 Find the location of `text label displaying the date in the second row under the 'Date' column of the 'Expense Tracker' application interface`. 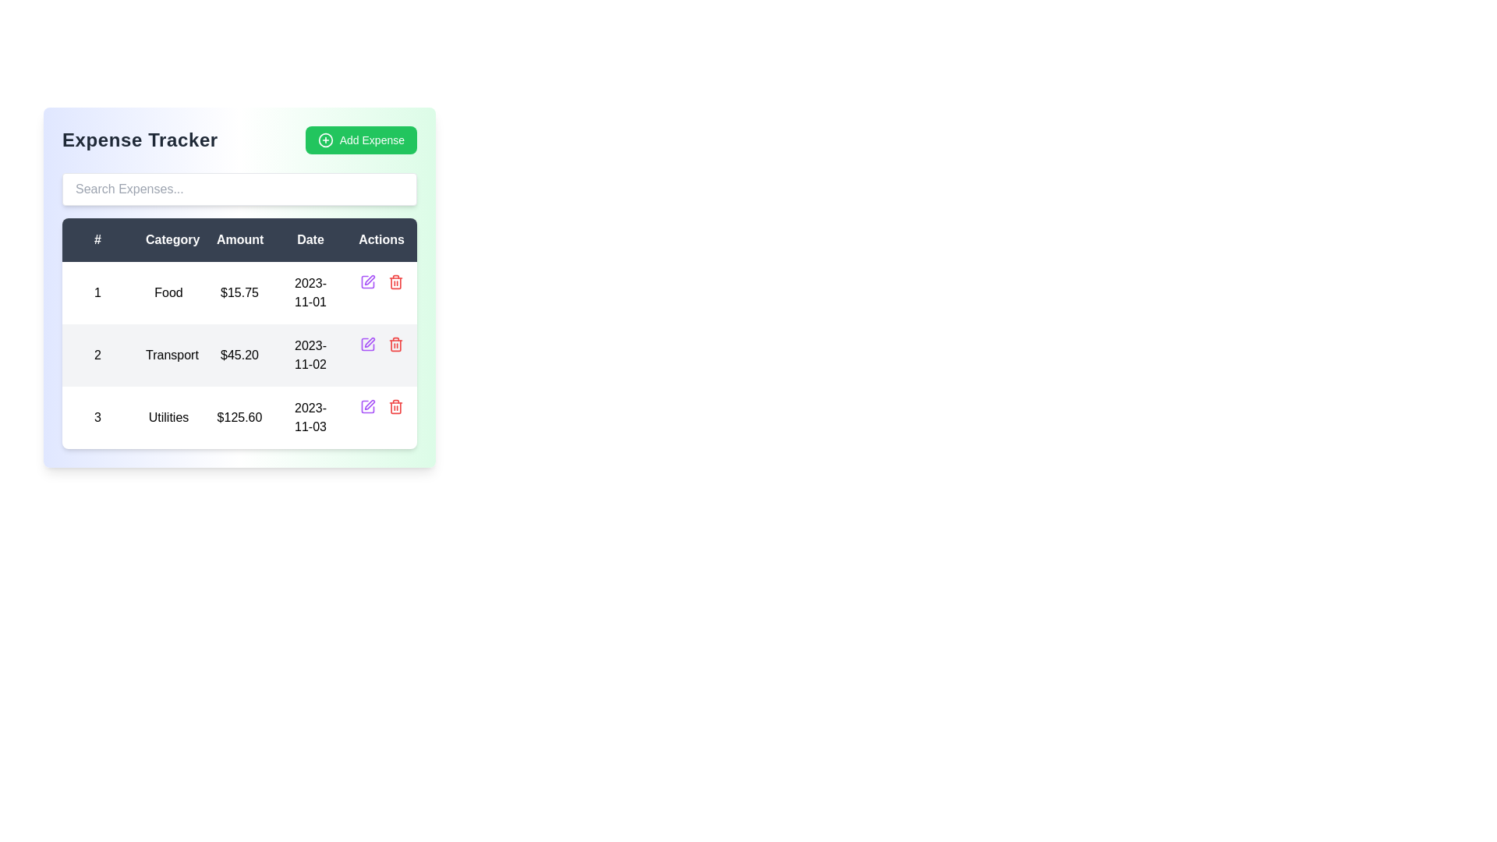

text label displaying the date in the second row under the 'Date' column of the 'Expense Tracker' application interface is located at coordinates (310, 355).